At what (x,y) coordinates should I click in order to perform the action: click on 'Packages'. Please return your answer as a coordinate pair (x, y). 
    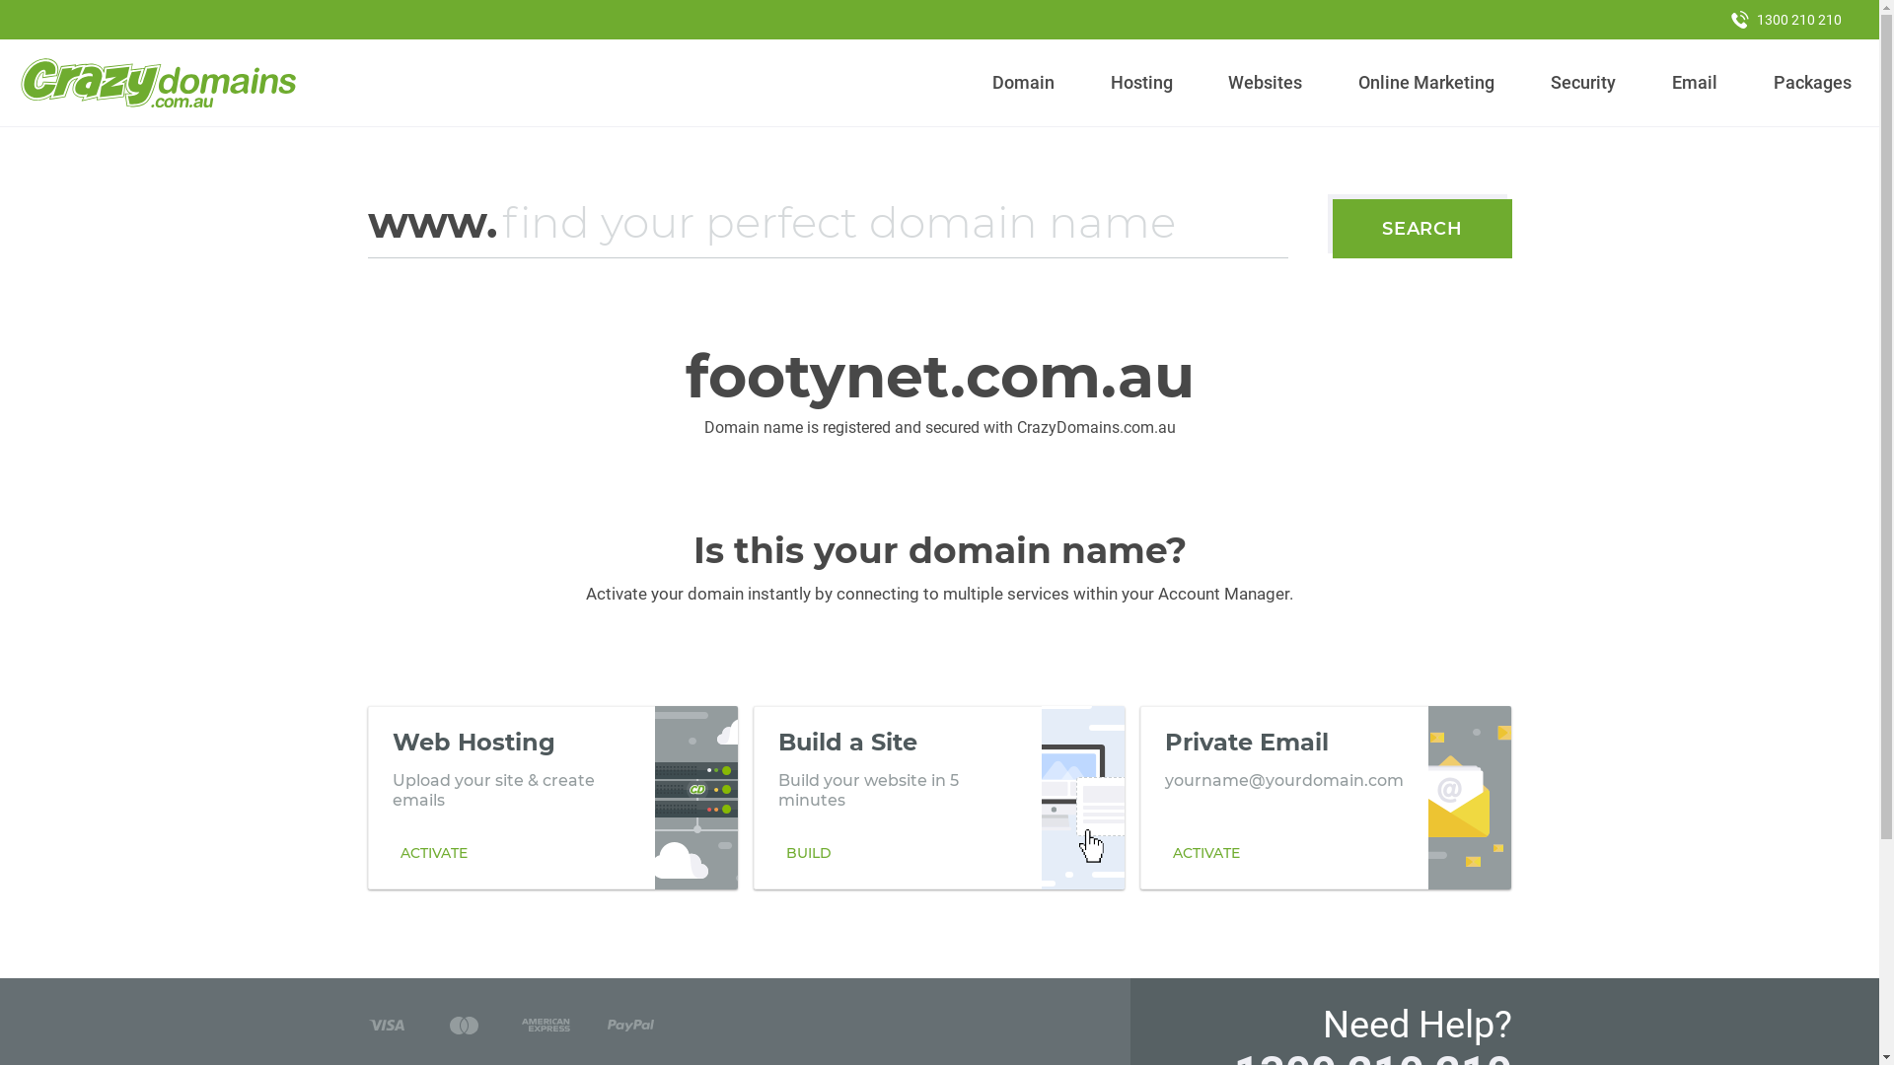
    Looking at the image, I should click on (1812, 82).